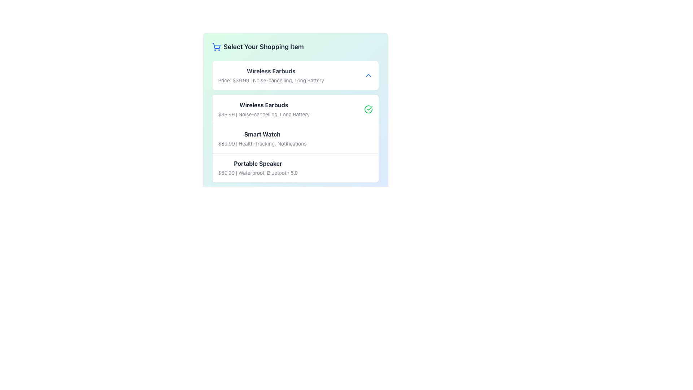 The width and height of the screenshot is (693, 390). I want to click on the list item displaying 'Wireless Earbuds' with price and features, located beneath the title 'Select Your Shopping Item', so click(295, 75).